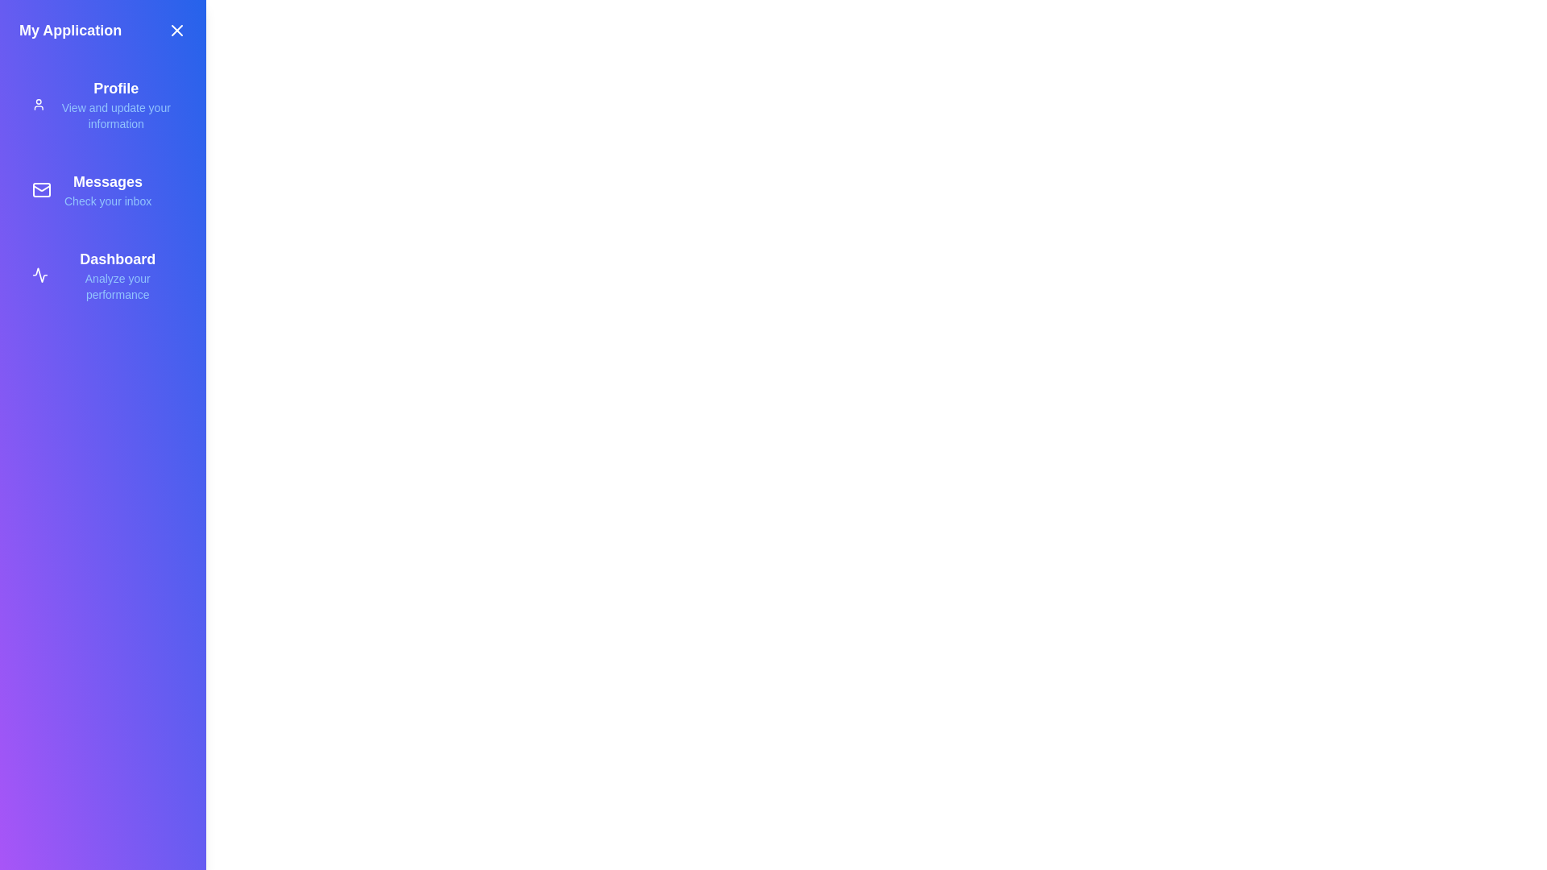 This screenshot has height=870, width=1547. Describe the element at coordinates (102, 105) in the screenshot. I see `the Profile section to observe the hover effect` at that location.